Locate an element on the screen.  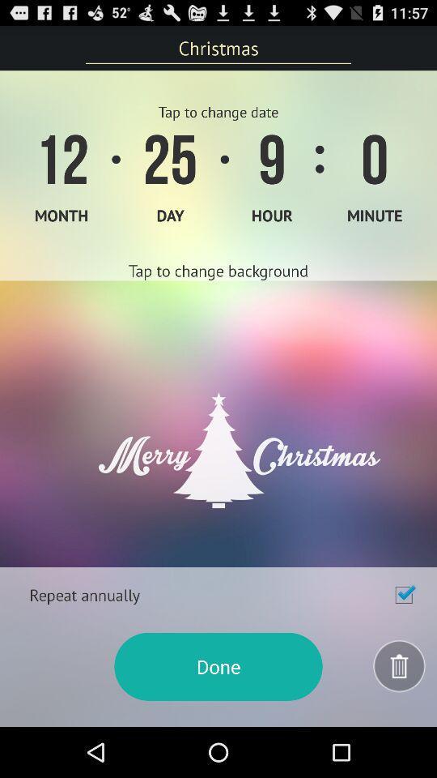
delete option is located at coordinates (399, 666).